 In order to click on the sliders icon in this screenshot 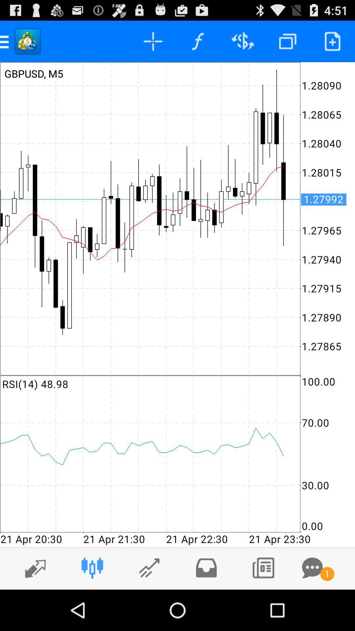, I will do `click(92, 607)`.